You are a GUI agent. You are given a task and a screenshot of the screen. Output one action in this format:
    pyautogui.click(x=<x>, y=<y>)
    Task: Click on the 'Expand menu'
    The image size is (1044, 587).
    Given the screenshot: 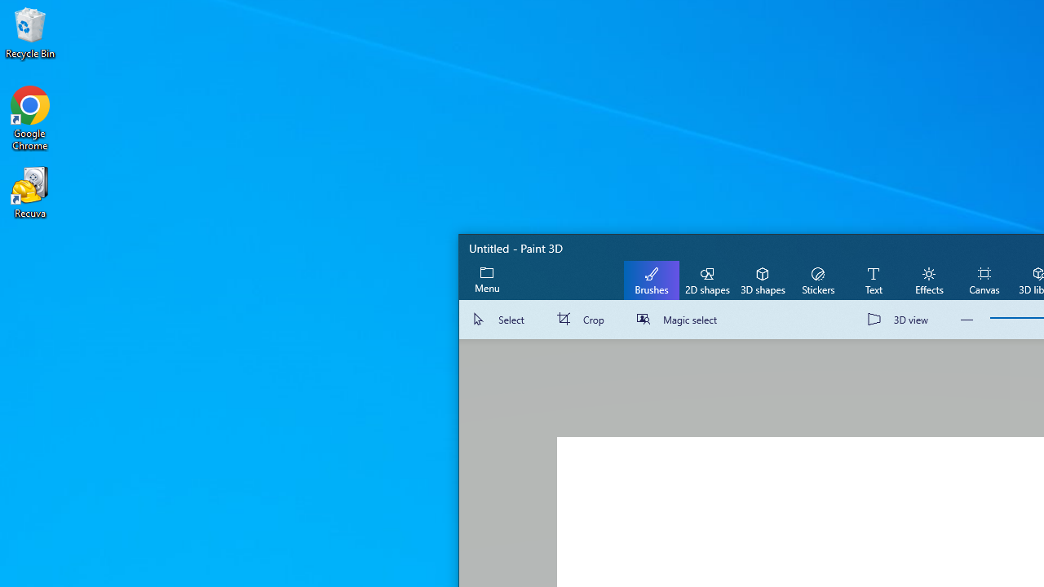 What is the action you would take?
    pyautogui.click(x=486, y=279)
    